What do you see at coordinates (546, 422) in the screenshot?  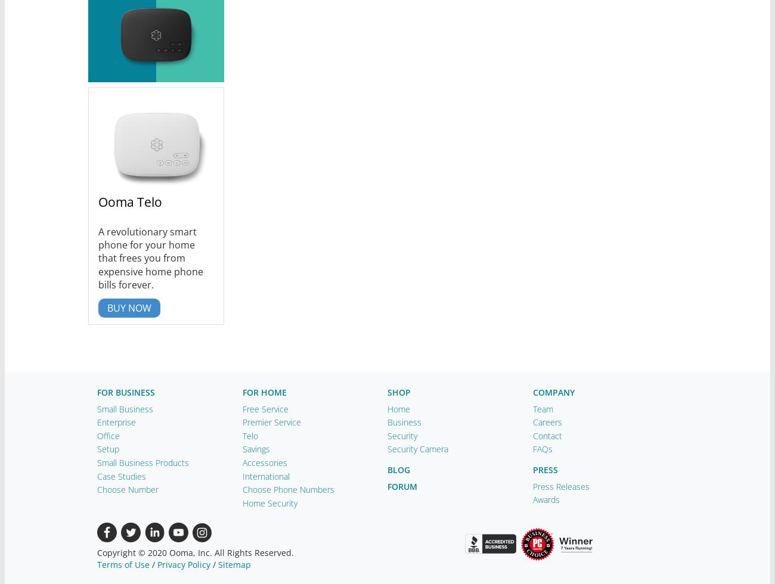 I see `'Careers'` at bounding box center [546, 422].